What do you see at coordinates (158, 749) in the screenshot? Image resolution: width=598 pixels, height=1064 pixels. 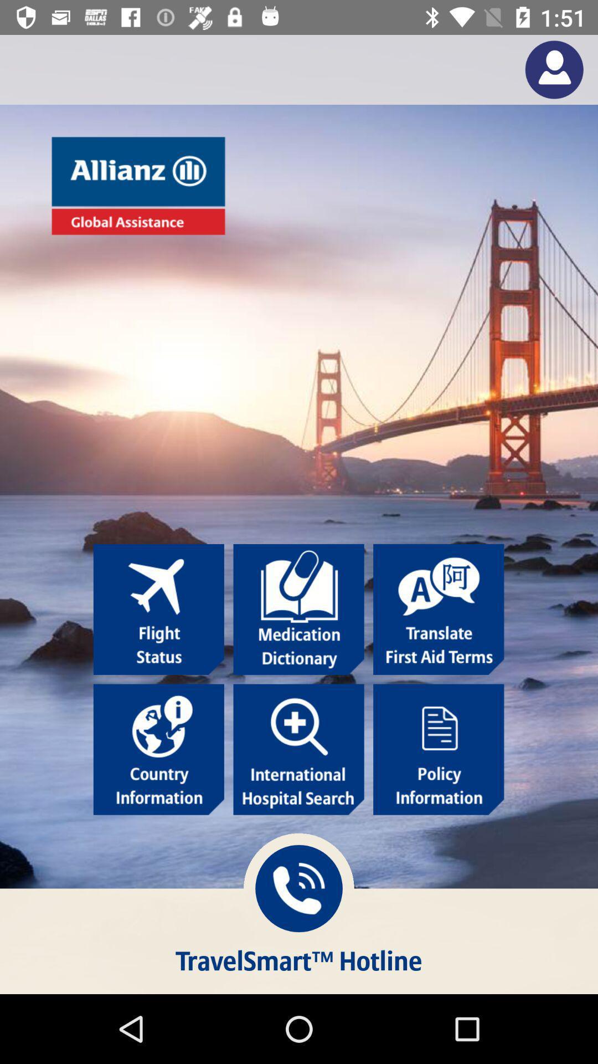 I see `click country information` at bounding box center [158, 749].